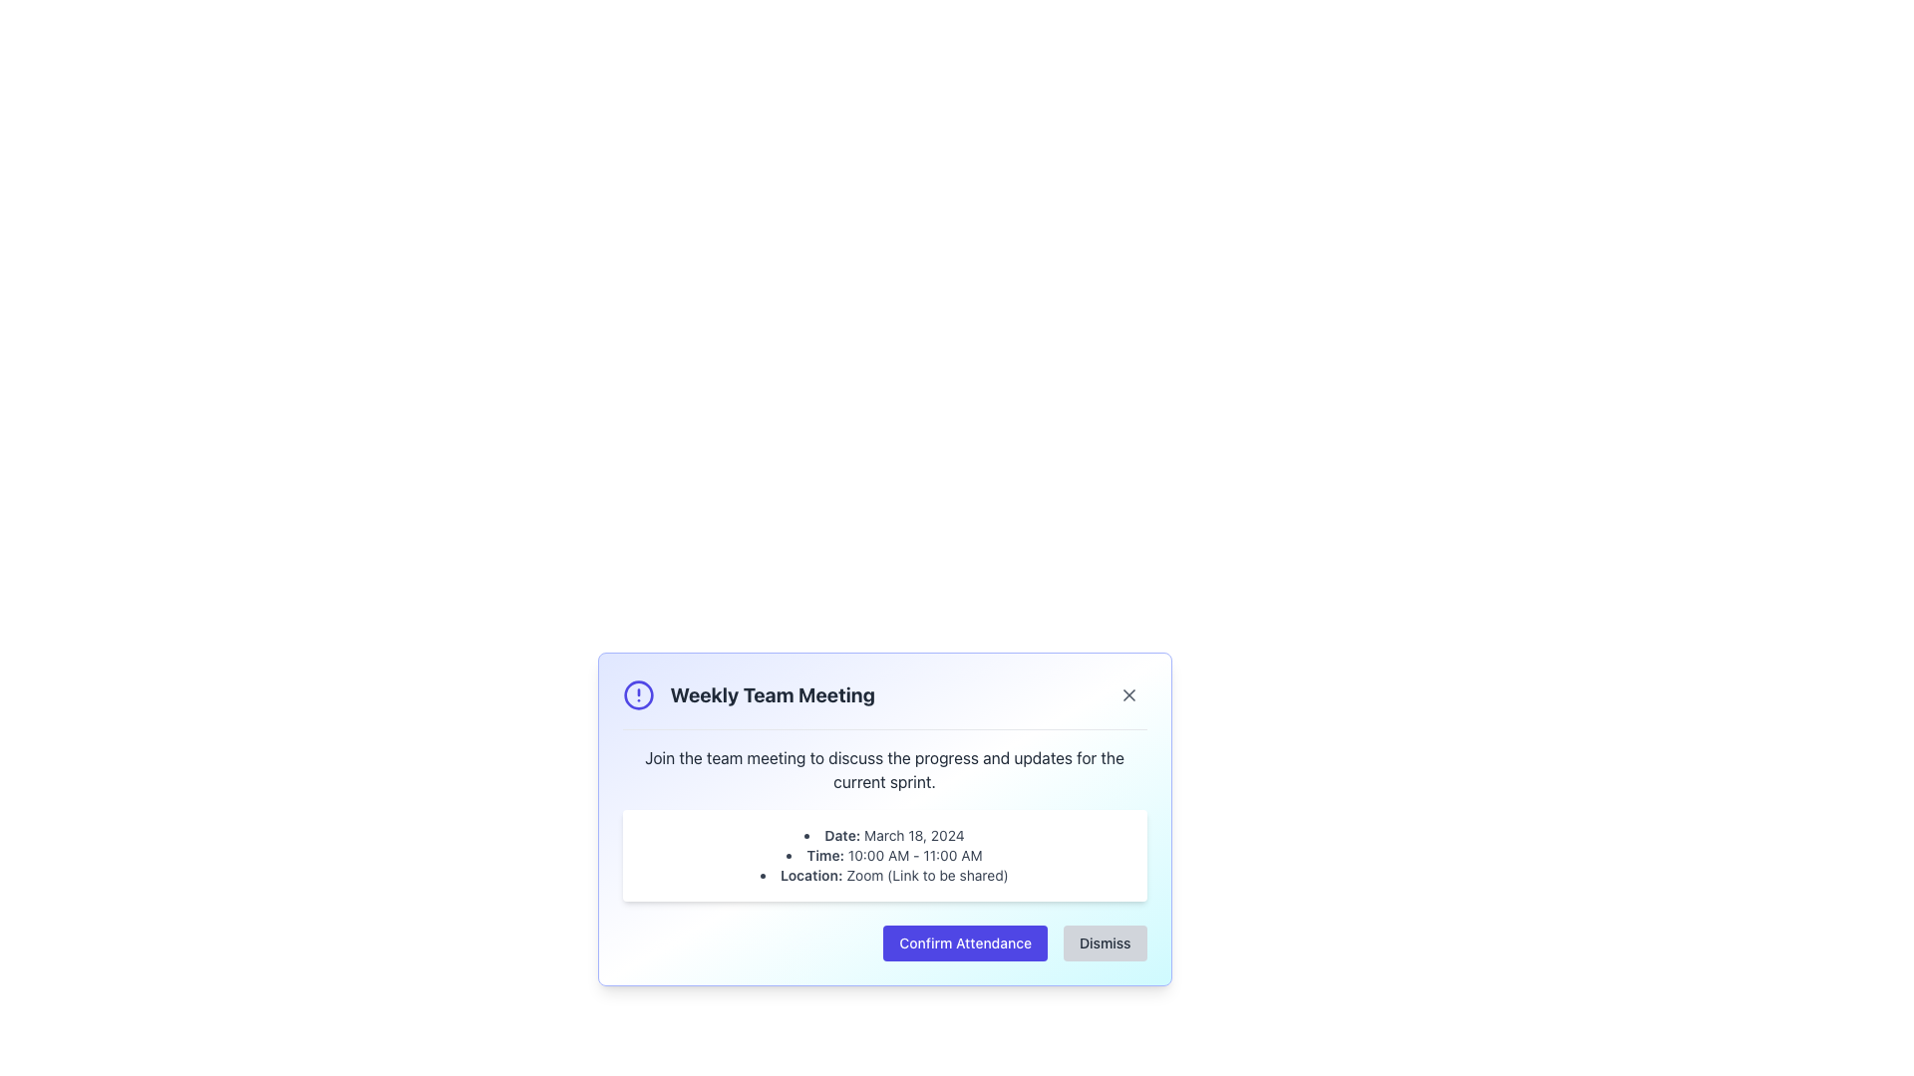 Image resolution: width=1914 pixels, height=1076 pixels. What do you see at coordinates (965, 942) in the screenshot?
I see `the confirmation button located at the bottom right of the dialog box to confirm attendance for the event or meeting` at bounding box center [965, 942].